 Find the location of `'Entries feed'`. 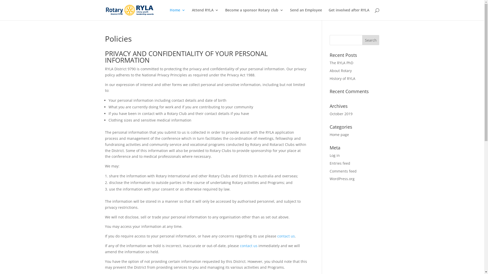

'Entries feed' is located at coordinates (329, 163).